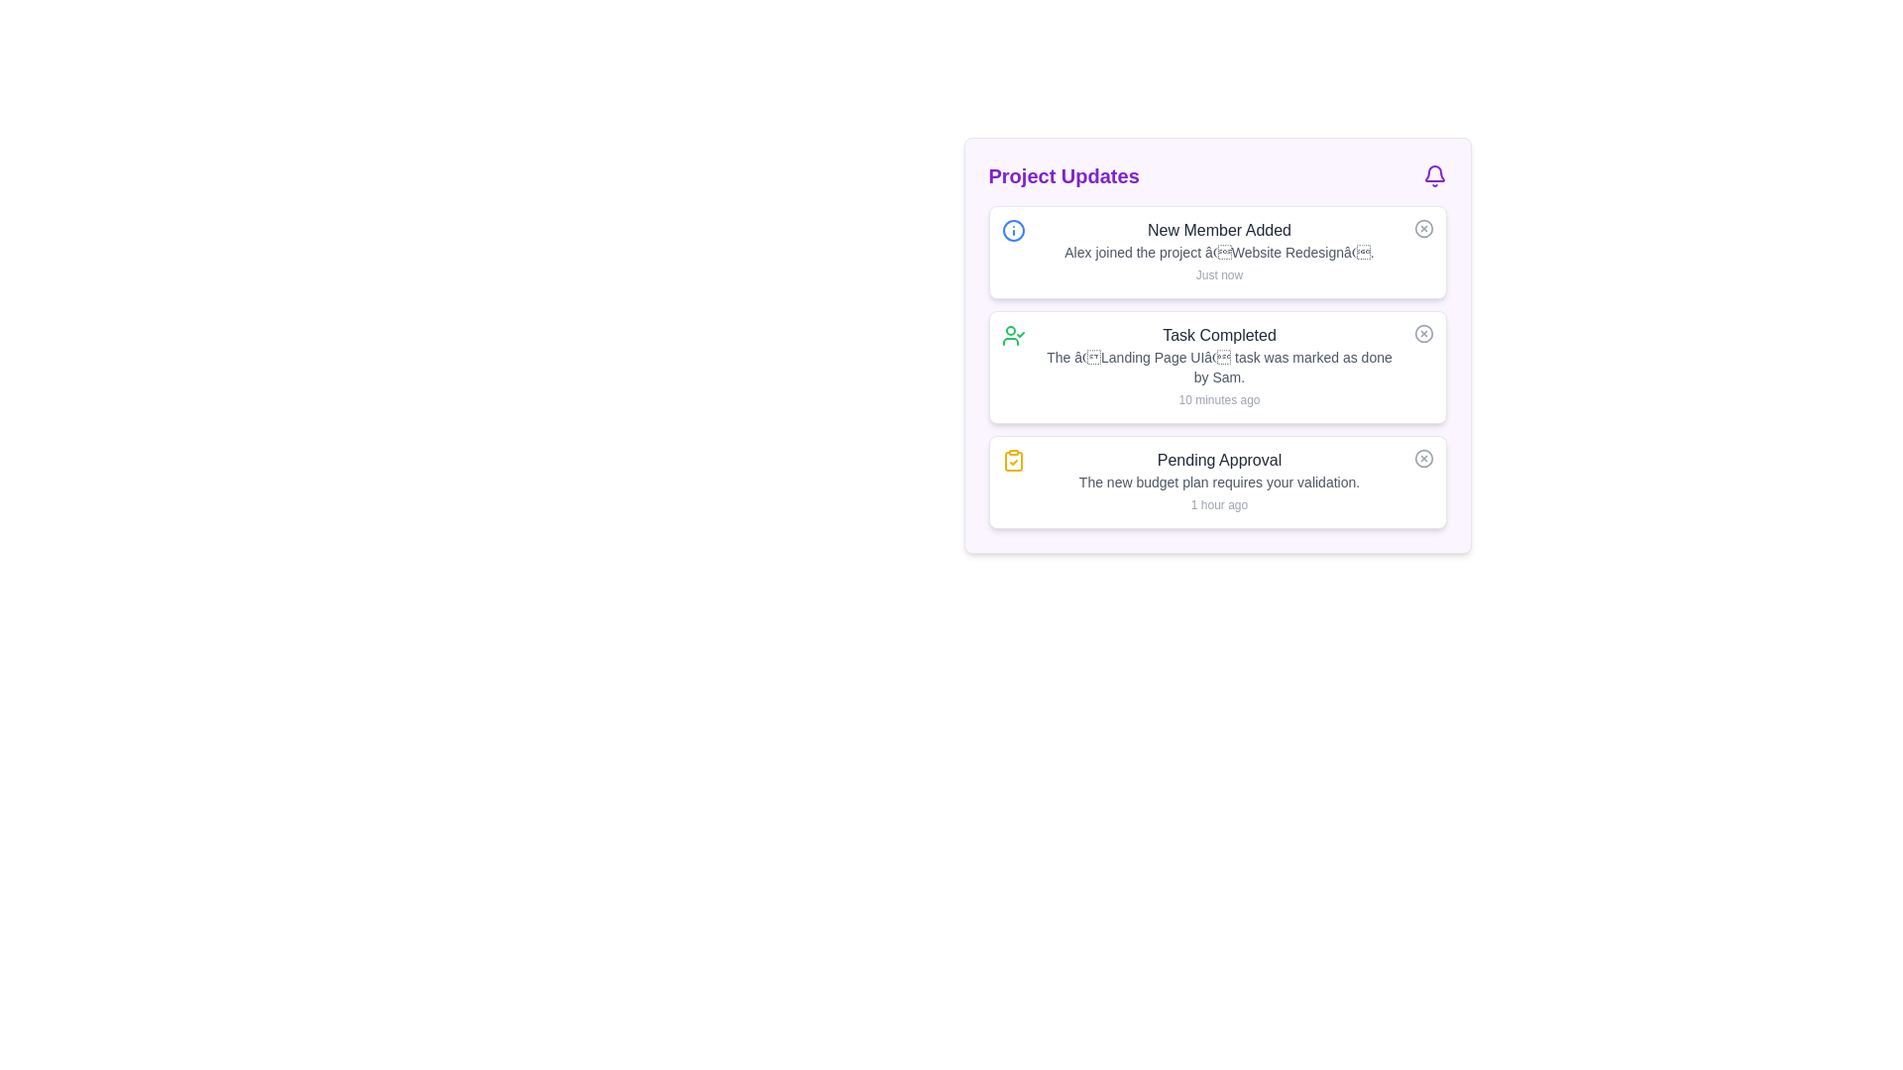  Describe the element at coordinates (1218, 367) in the screenshot. I see `the informational text content that specifies the task's name and the user who marked it as done, located below the 'Task Completed' header` at that location.